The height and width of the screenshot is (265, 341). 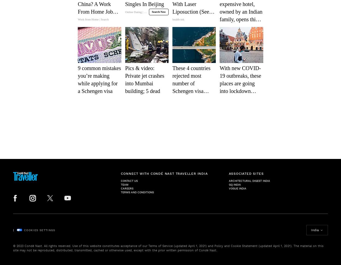 What do you see at coordinates (249, 181) in the screenshot?
I see `'Architectural Digest India'` at bounding box center [249, 181].